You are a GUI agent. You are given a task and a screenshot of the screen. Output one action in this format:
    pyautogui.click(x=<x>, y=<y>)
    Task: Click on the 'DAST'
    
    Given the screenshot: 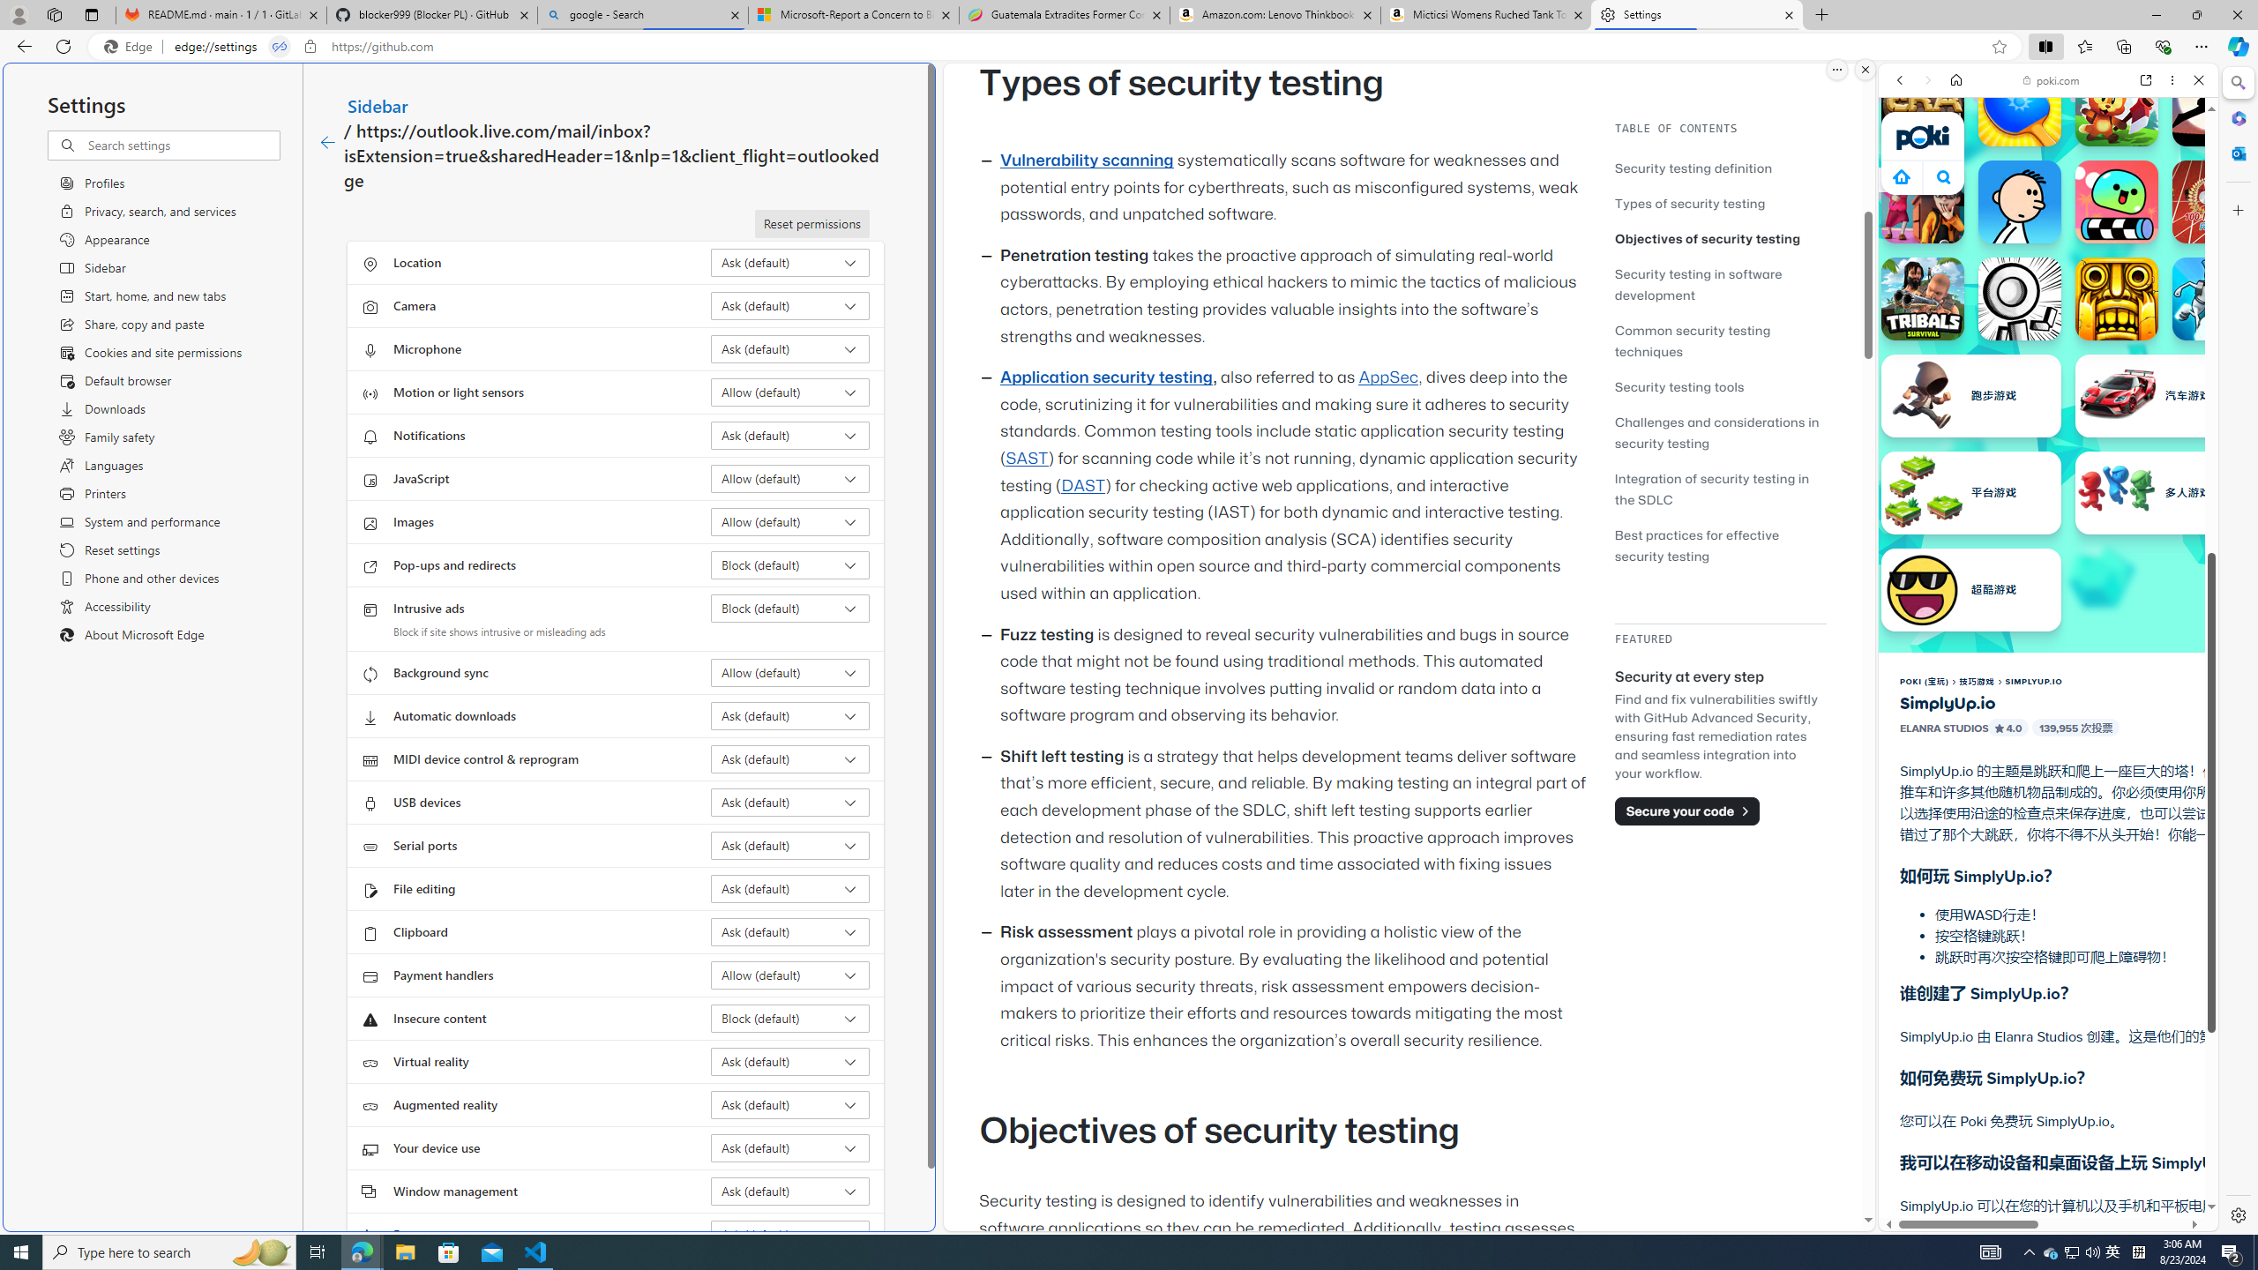 What is the action you would take?
    pyautogui.click(x=1082, y=484)
    